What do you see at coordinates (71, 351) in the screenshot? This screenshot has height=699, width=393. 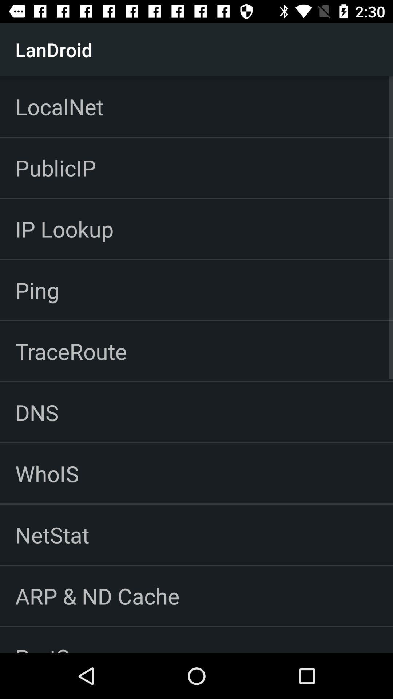 I see `app below ping icon` at bounding box center [71, 351].